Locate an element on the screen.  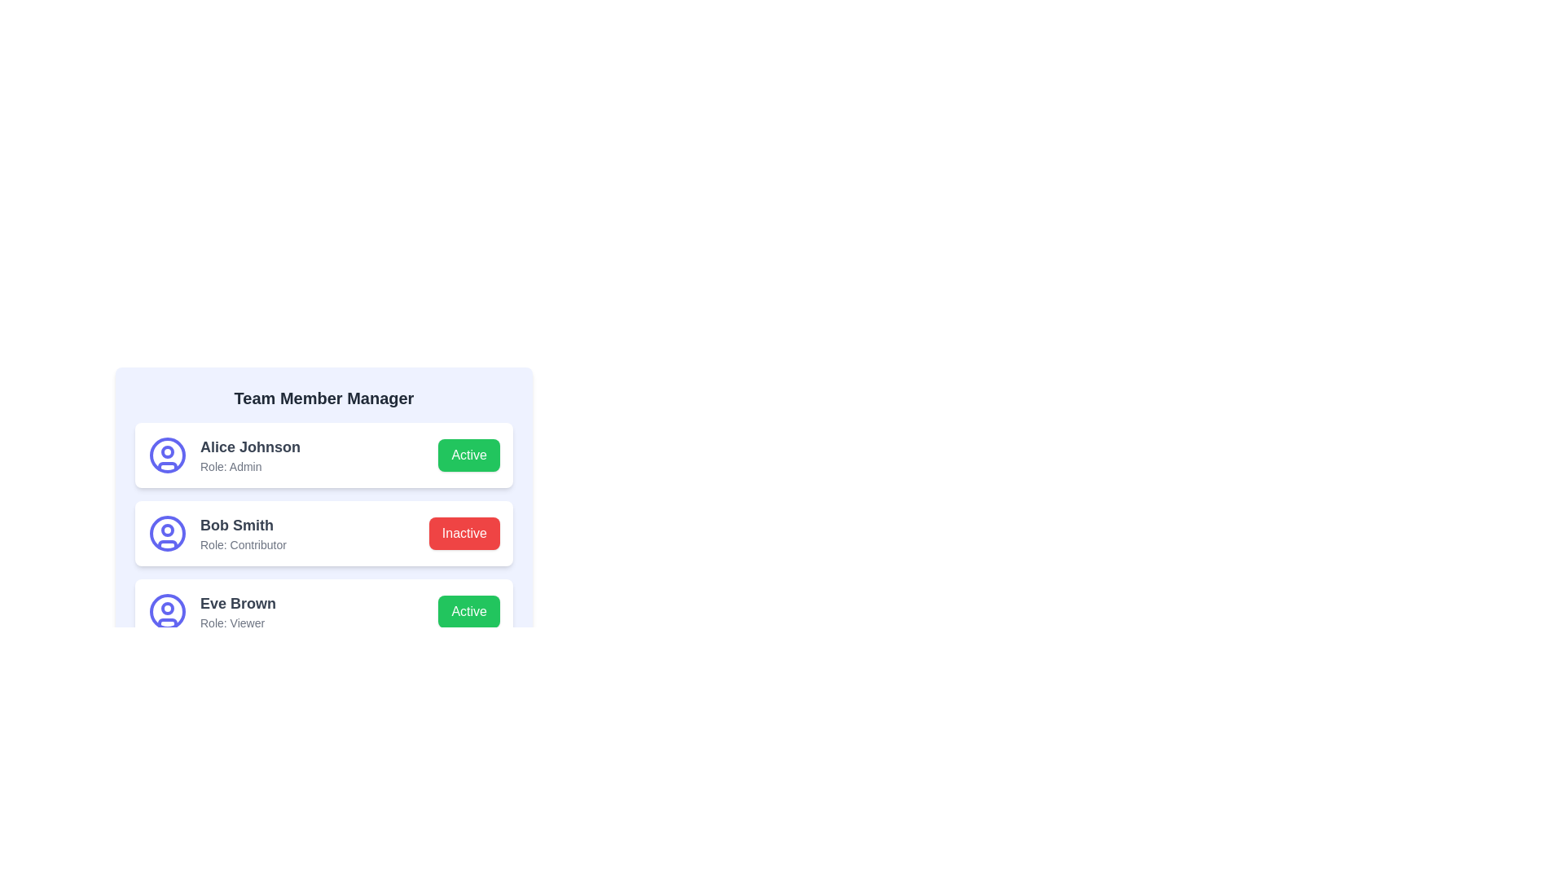
the user profile display element, which consists of an icon and text showing user information, located between 'Bob Smith' and the 'Active' button is located at coordinates (211, 612).